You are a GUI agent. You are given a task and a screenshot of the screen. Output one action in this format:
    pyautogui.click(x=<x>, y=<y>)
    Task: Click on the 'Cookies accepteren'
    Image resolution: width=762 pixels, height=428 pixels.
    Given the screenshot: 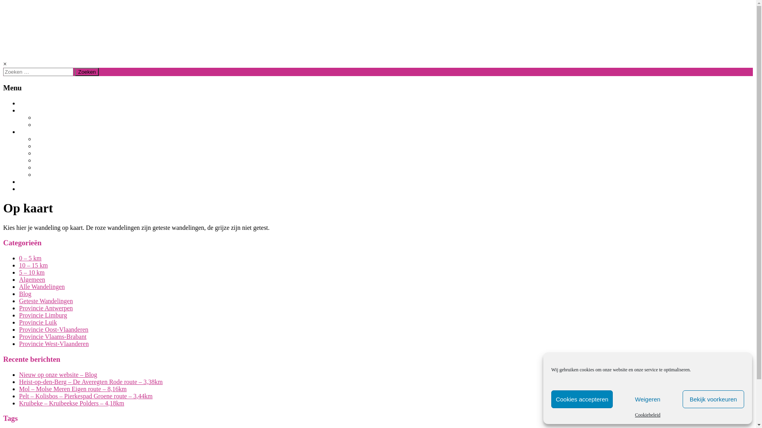 What is the action you would take?
    pyautogui.click(x=550, y=399)
    